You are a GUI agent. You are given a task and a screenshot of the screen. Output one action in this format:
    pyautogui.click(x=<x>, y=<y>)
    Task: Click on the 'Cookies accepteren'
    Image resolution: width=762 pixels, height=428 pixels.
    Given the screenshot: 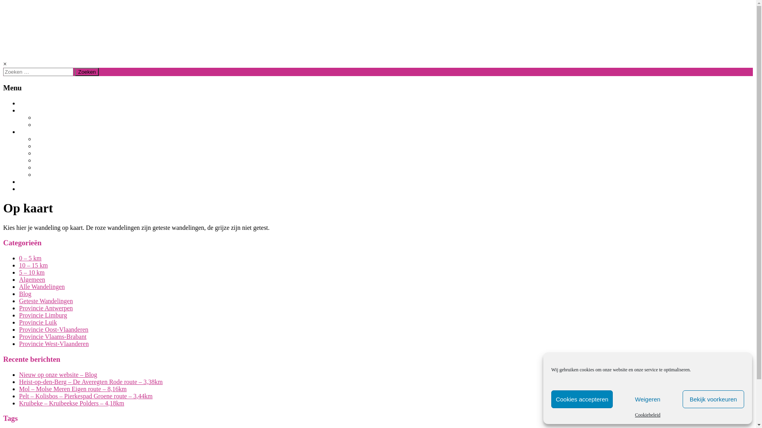 What is the action you would take?
    pyautogui.click(x=550, y=399)
    